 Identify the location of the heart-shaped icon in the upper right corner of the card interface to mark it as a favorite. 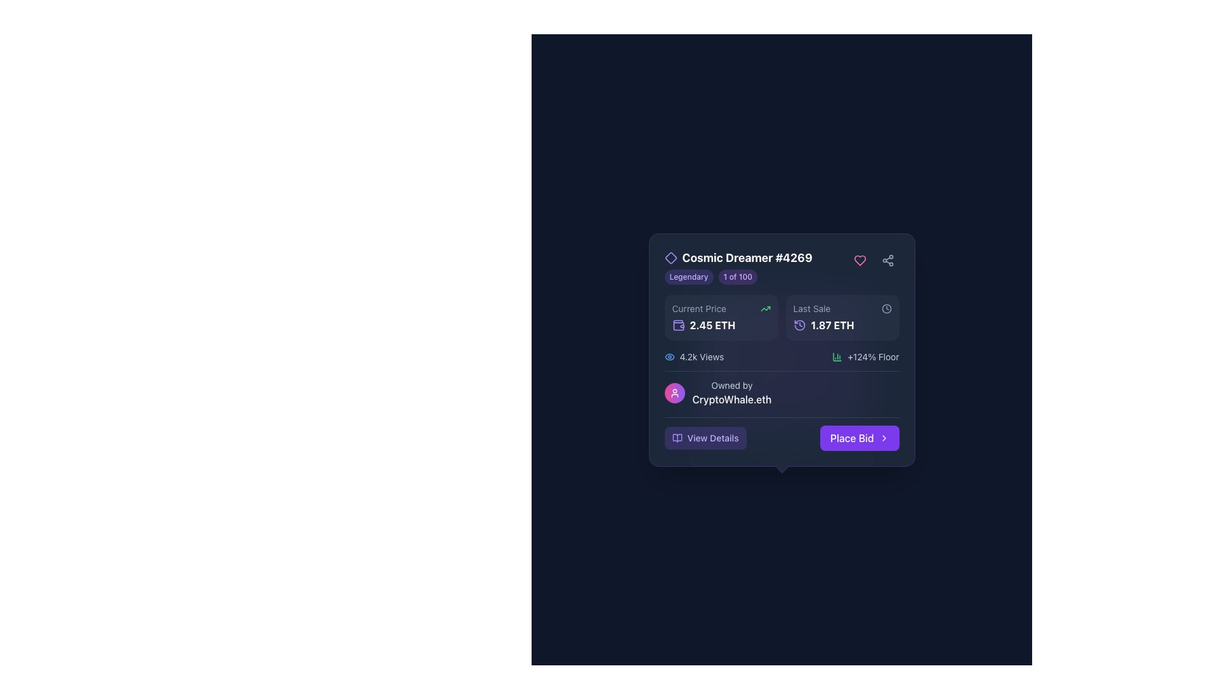
(860, 260).